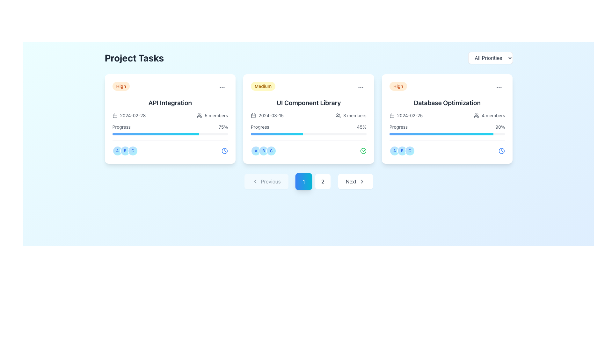  Describe the element at coordinates (212, 115) in the screenshot. I see `the text element representing the number of team members assigned to a task, located to the right of the calendar icon in the bottom section of the 'API Integration' card` at that location.